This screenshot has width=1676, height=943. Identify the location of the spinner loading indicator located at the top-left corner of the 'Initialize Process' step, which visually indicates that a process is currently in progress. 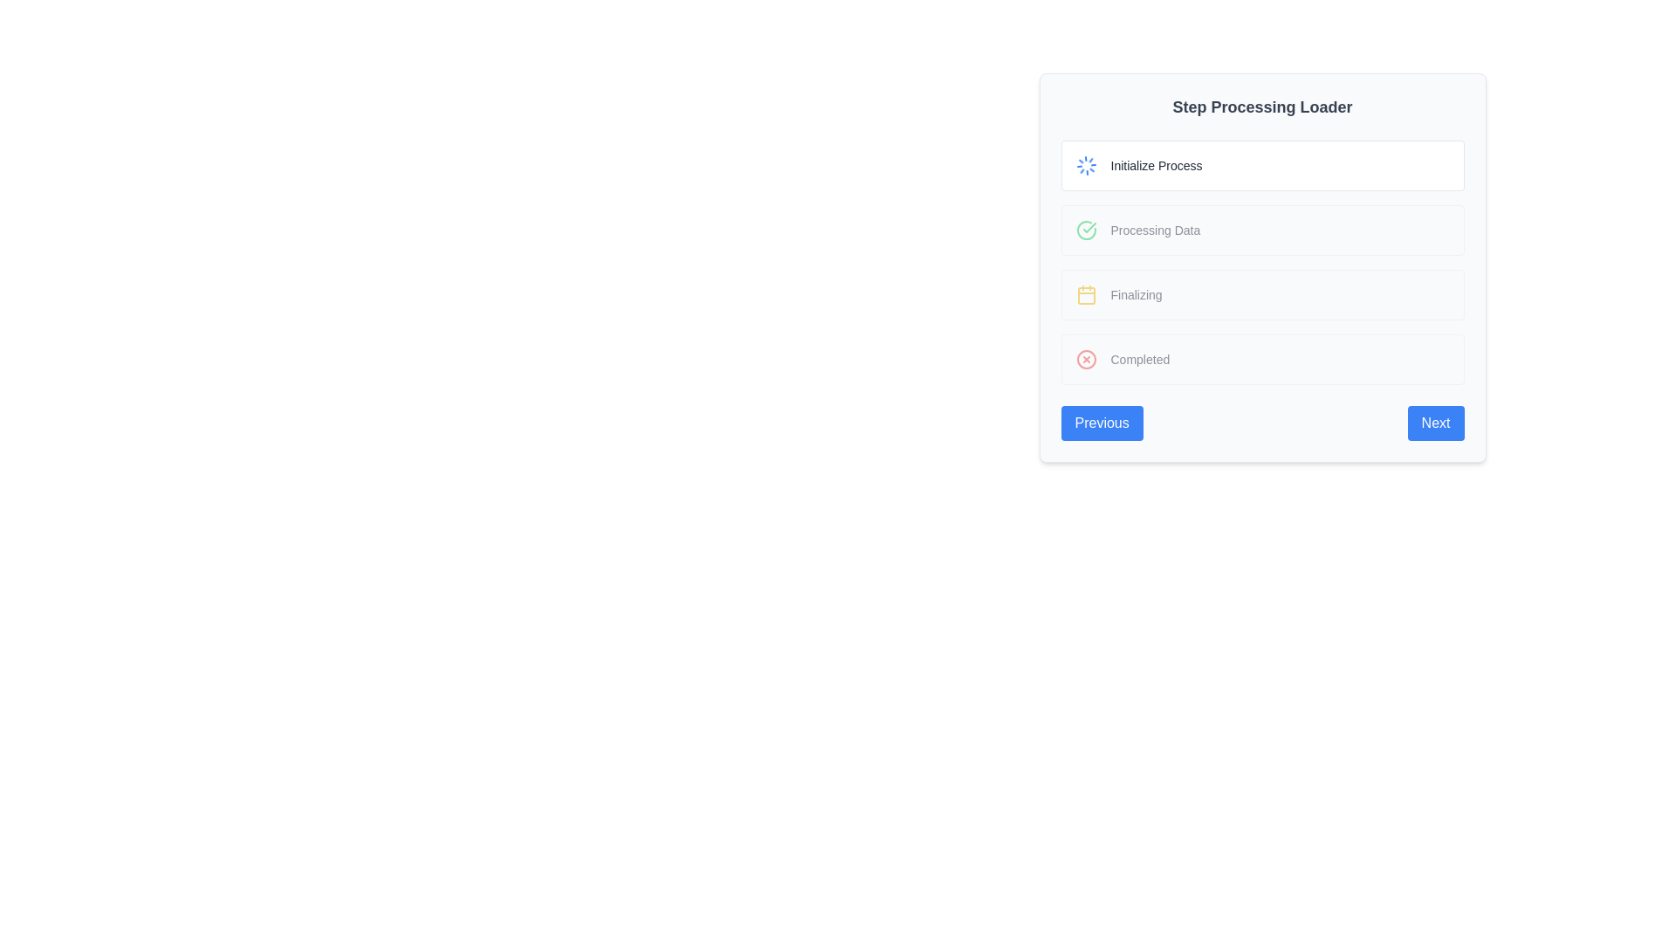
(1085, 165).